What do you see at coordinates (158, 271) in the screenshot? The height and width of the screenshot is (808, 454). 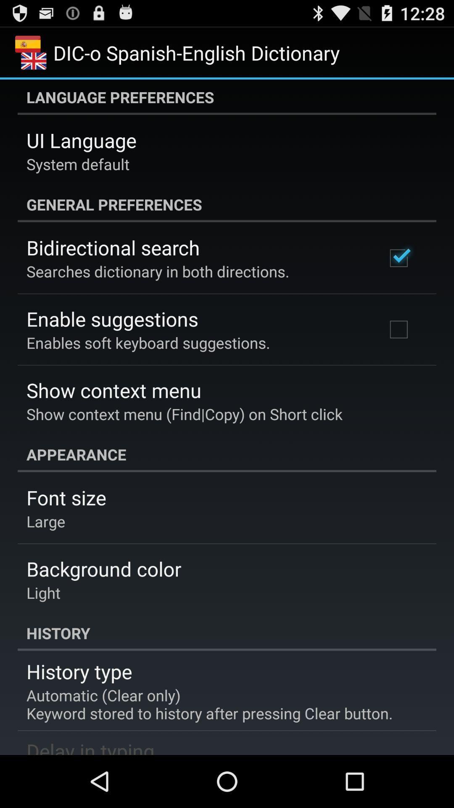 I see `icon below bidirectional search` at bounding box center [158, 271].